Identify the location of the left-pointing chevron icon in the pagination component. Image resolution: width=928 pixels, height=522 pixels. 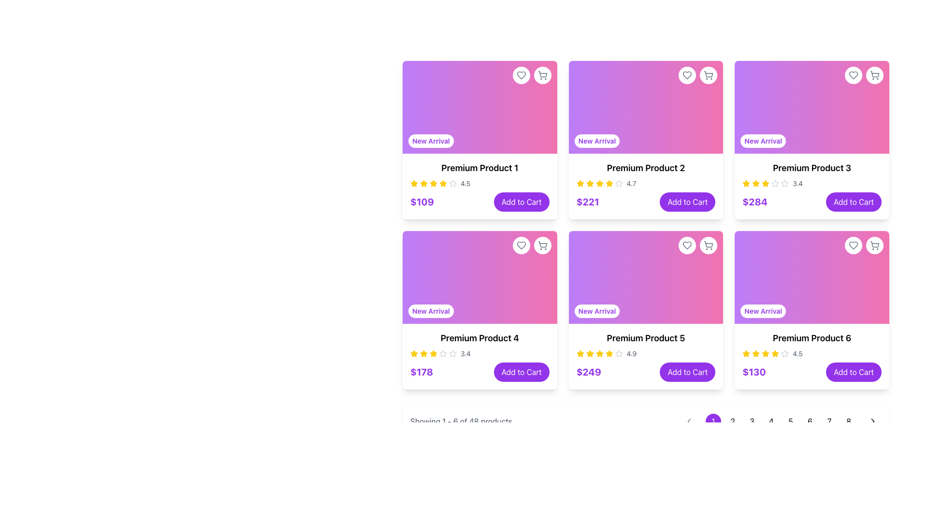
(688, 420).